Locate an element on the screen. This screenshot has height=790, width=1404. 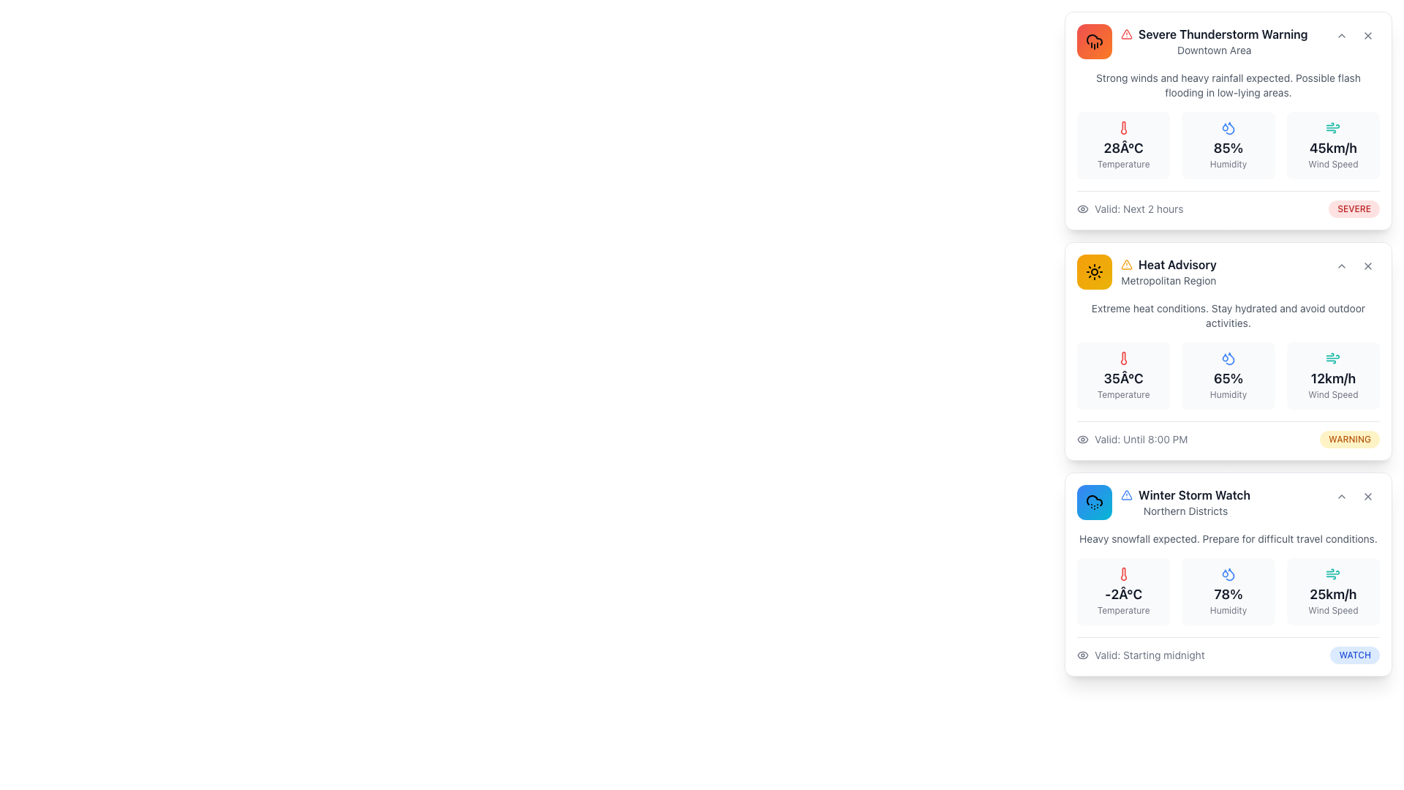
the static text element displaying the current temperature in the context of a weather alert, located in the first column of the grid layout on the 'Winter Storm Watch' card is located at coordinates (1122, 591).